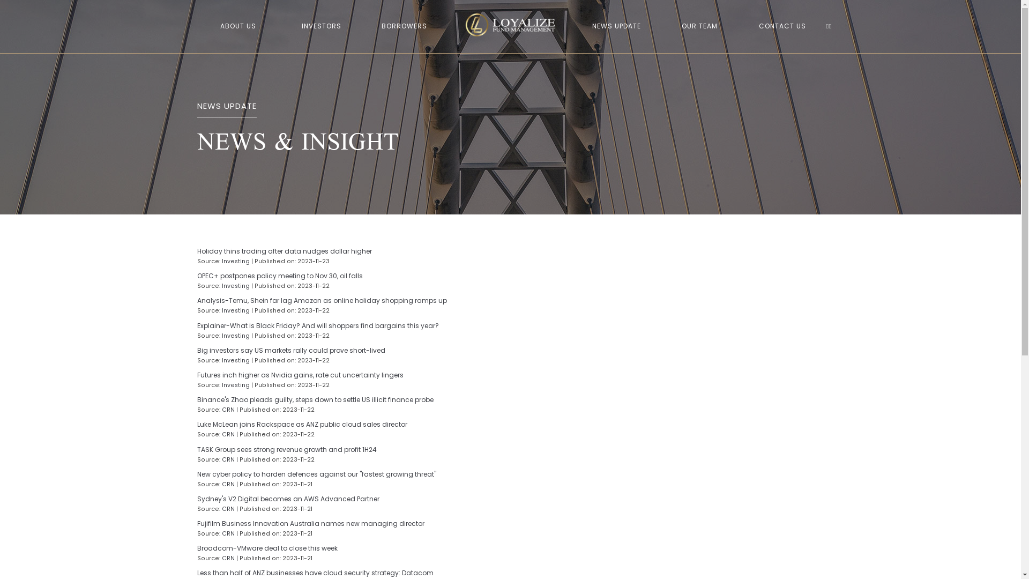 Image resolution: width=1029 pixels, height=579 pixels. I want to click on 'OUR TEAM', so click(699, 26).